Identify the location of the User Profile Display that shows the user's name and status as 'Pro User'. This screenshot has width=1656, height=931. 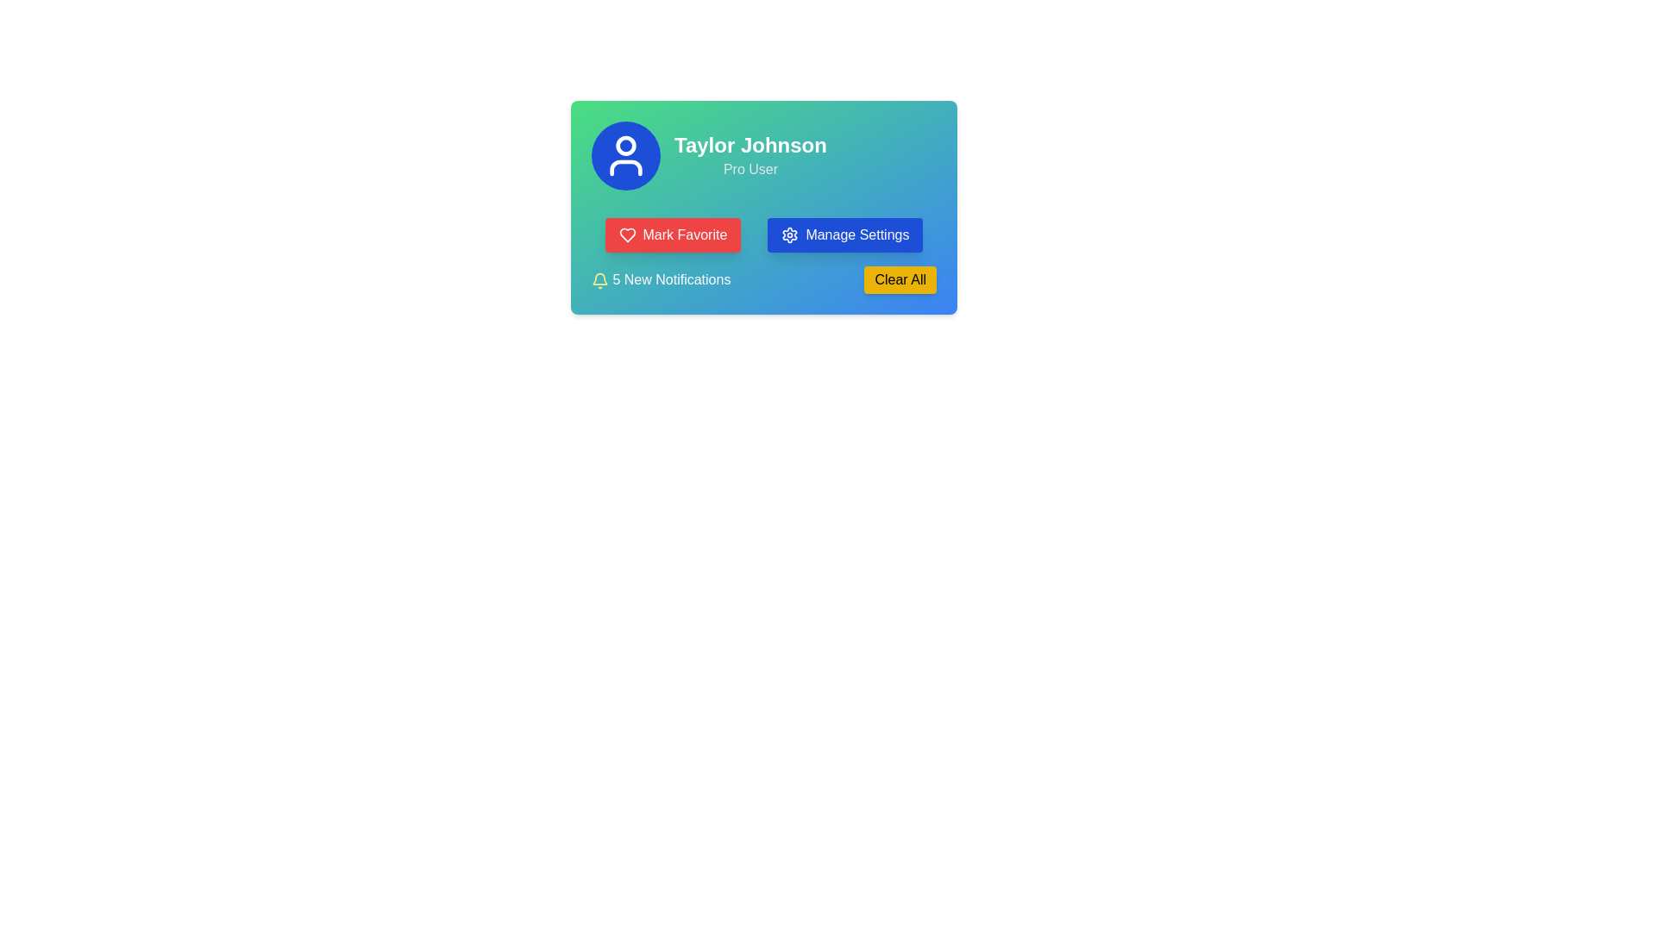
(763, 156).